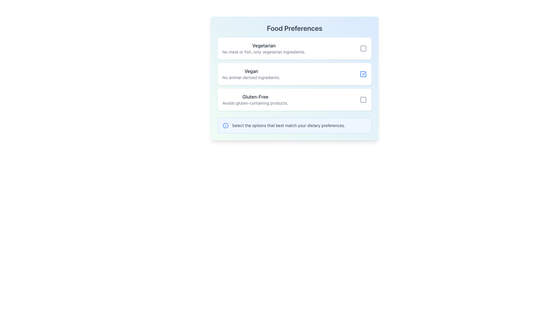  Describe the element at coordinates (363, 99) in the screenshot. I see `the Checkbox Indicator (SVG Graphic) associated with the 'Gluten-Free' dietary preference` at that location.